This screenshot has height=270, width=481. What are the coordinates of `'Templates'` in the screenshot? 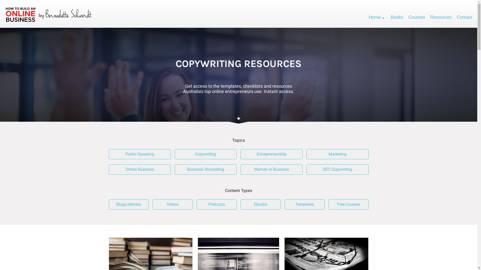 It's located at (304, 204).